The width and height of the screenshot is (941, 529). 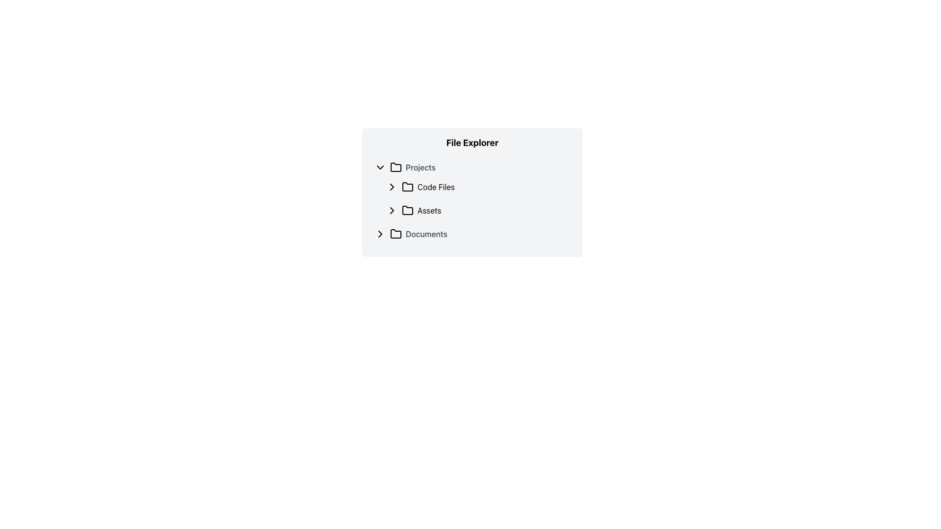 What do you see at coordinates (426, 234) in the screenshot?
I see `the 'Documents' text label located towards the bottom of the vertical list of options, positioned immediately to the right of the folder icon` at bounding box center [426, 234].